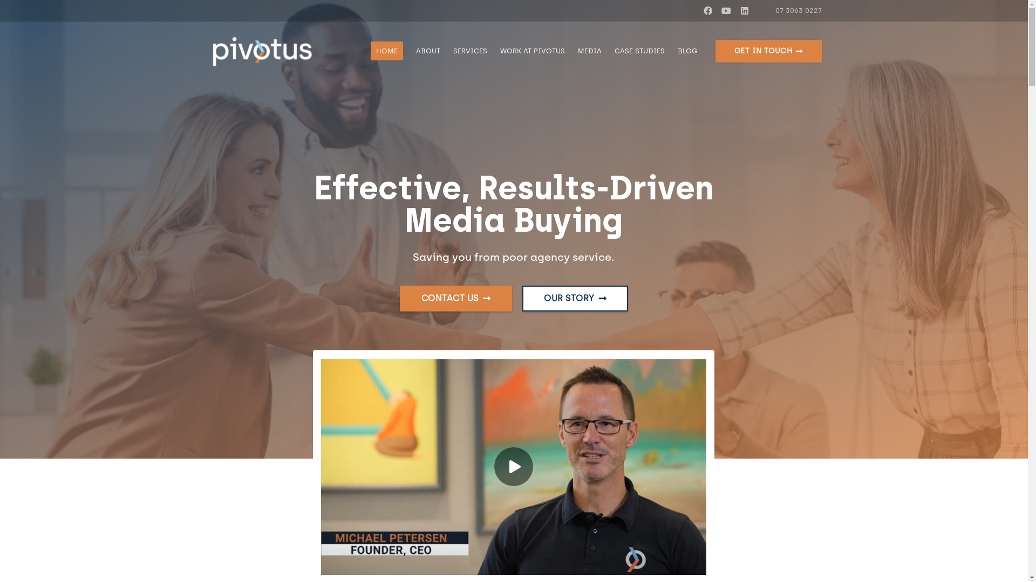  What do you see at coordinates (639, 51) in the screenshot?
I see `'CASE STUDIES'` at bounding box center [639, 51].